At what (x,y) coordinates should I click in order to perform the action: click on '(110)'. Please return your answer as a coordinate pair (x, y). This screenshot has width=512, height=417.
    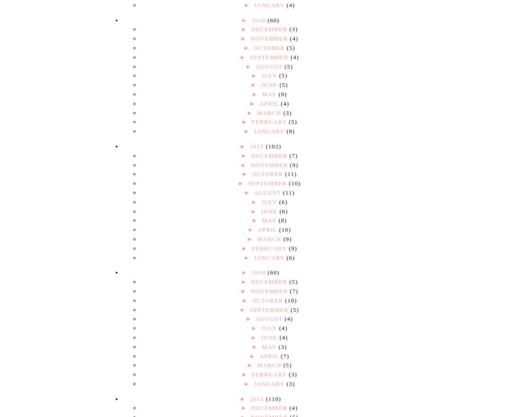
    Looking at the image, I should click on (265, 398).